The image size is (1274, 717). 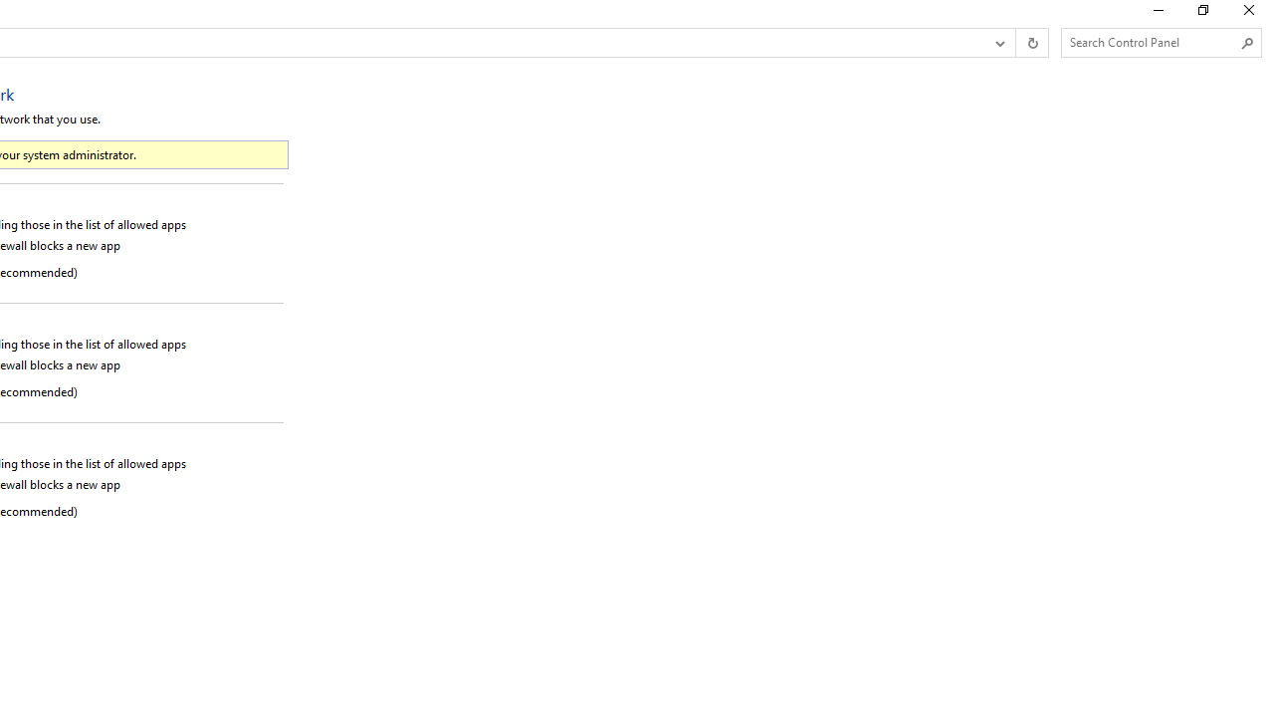 I want to click on 'Minimize', so click(x=1157, y=15).